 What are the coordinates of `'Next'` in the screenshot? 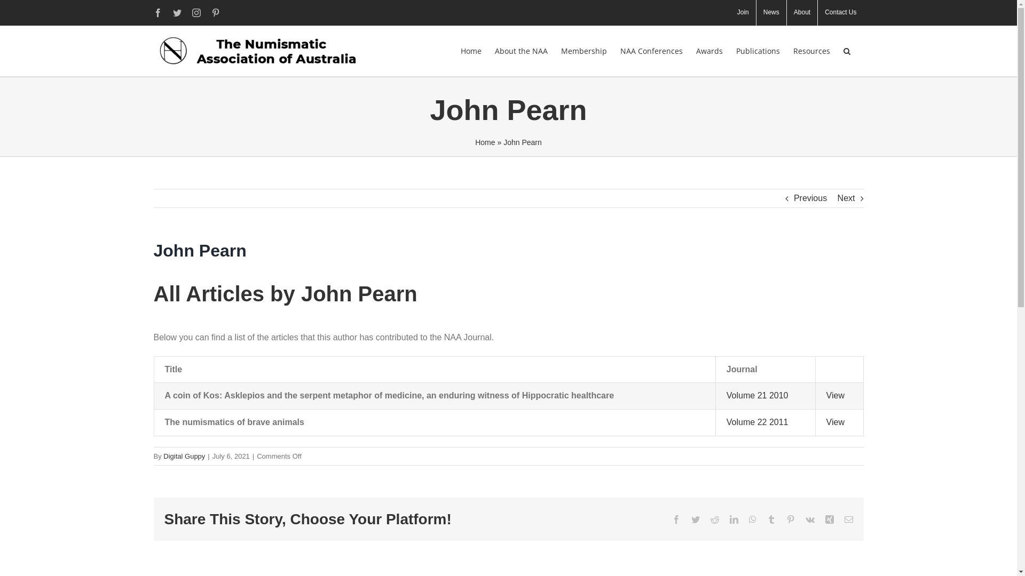 It's located at (846, 198).